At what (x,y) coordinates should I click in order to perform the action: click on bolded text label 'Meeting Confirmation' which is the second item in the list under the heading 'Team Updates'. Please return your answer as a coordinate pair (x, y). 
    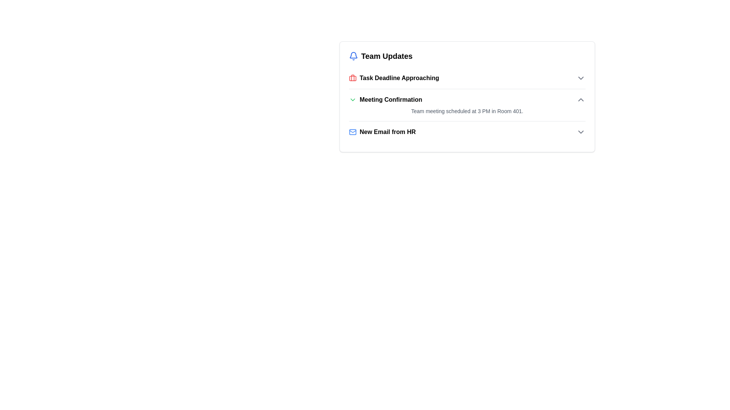
    Looking at the image, I should click on (391, 99).